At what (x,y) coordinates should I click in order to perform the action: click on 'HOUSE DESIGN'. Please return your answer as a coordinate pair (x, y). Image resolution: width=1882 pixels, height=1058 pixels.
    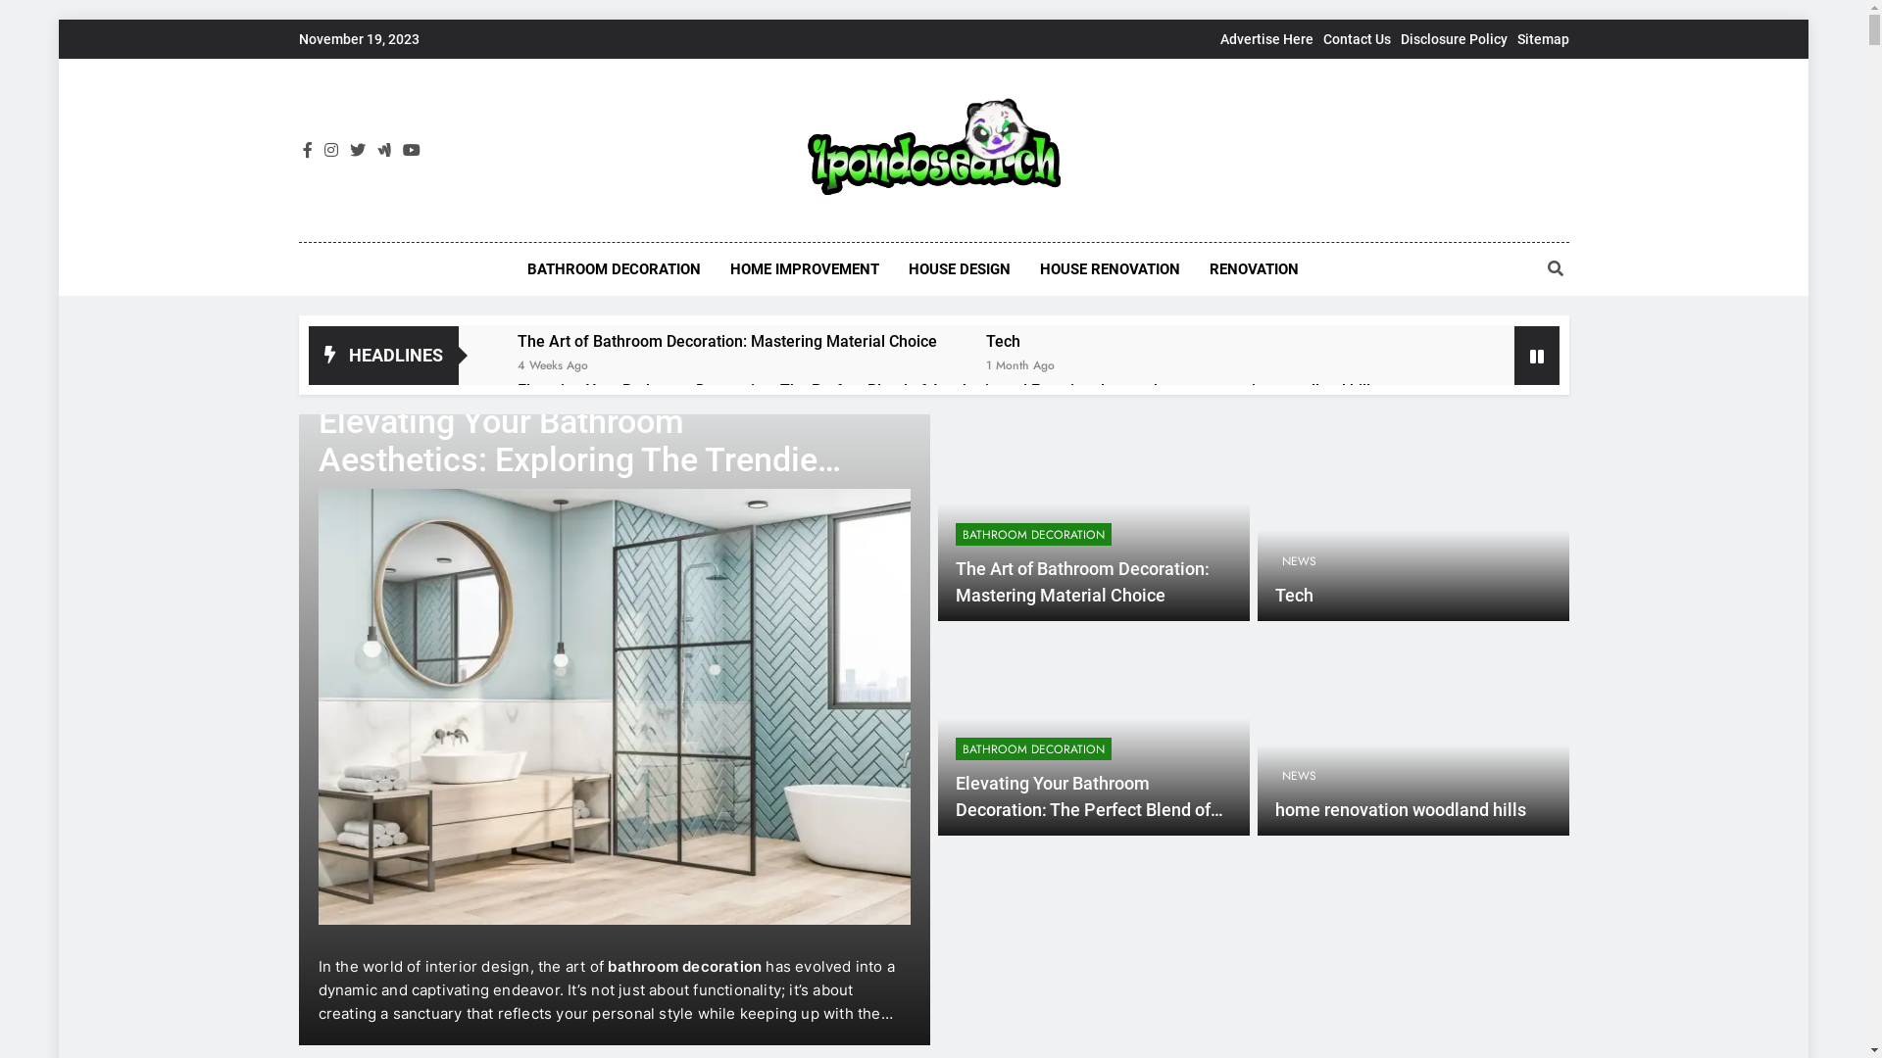
    Looking at the image, I should click on (893, 268).